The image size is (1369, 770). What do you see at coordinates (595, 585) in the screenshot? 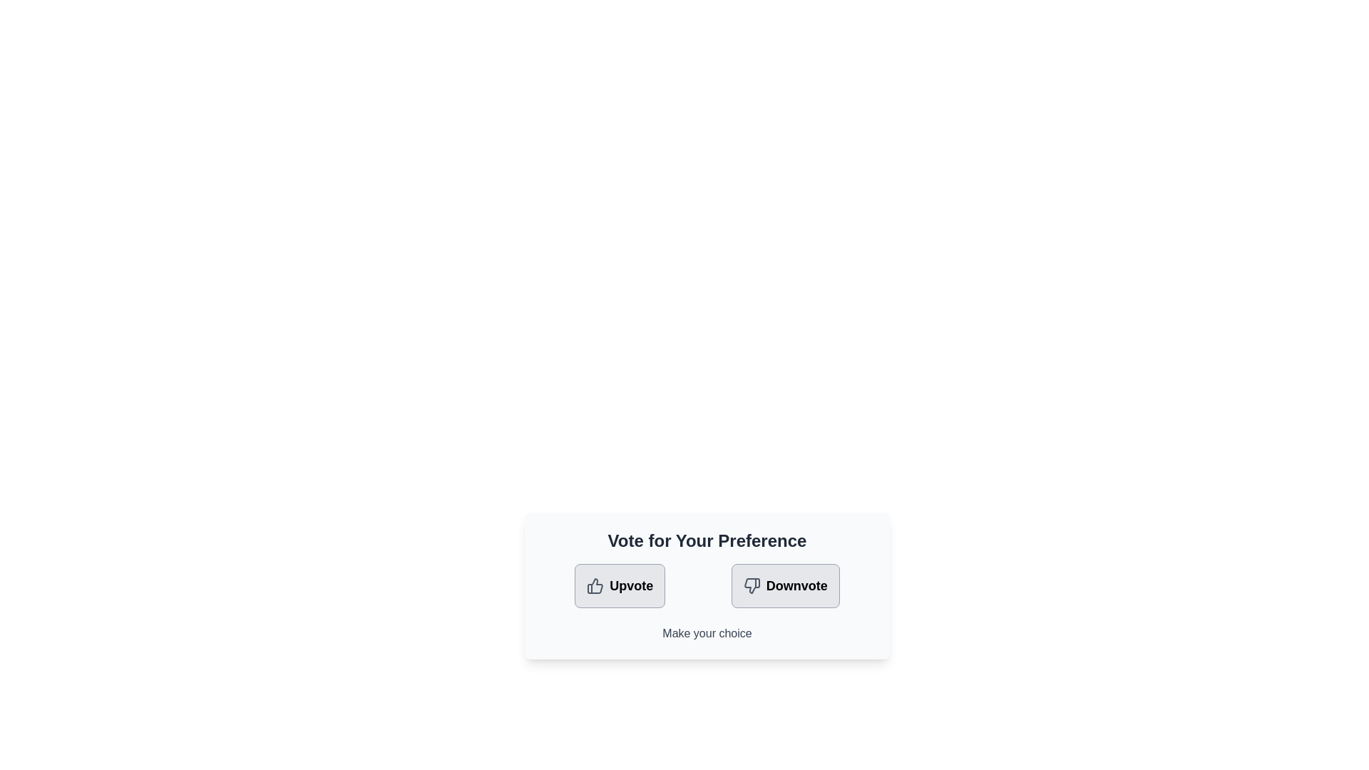
I see `the thumbs-up icon within the 'Upvote' button` at bounding box center [595, 585].